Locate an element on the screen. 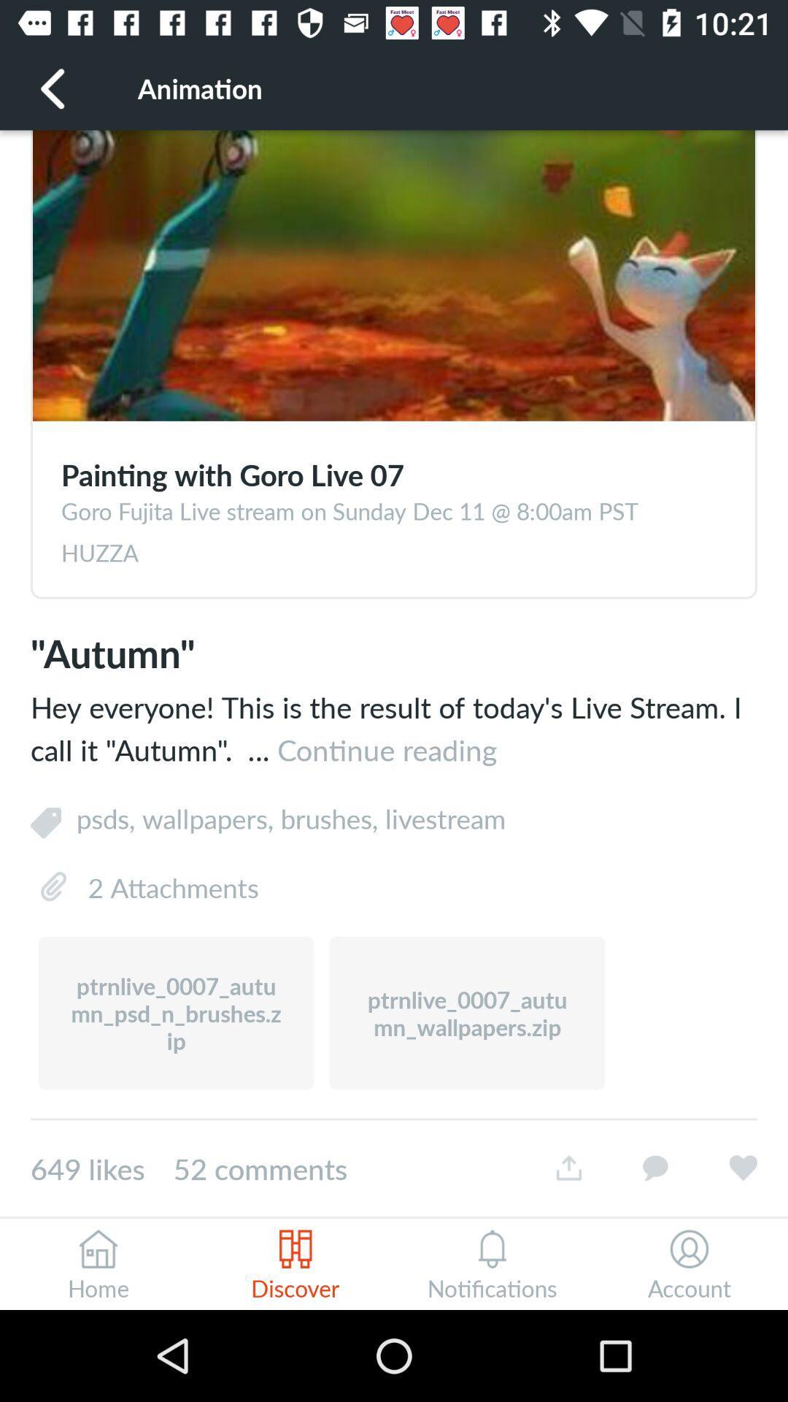  the icon below the "autumn" item is located at coordinates (394, 728).